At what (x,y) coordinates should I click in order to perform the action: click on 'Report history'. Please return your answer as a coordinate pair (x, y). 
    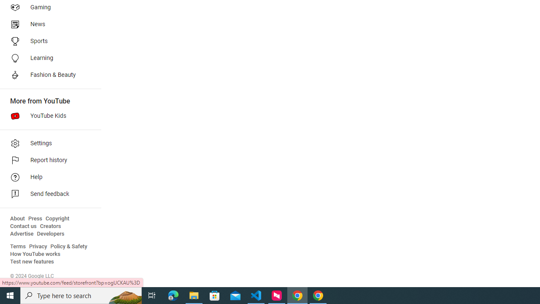
    Looking at the image, I should click on (47, 160).